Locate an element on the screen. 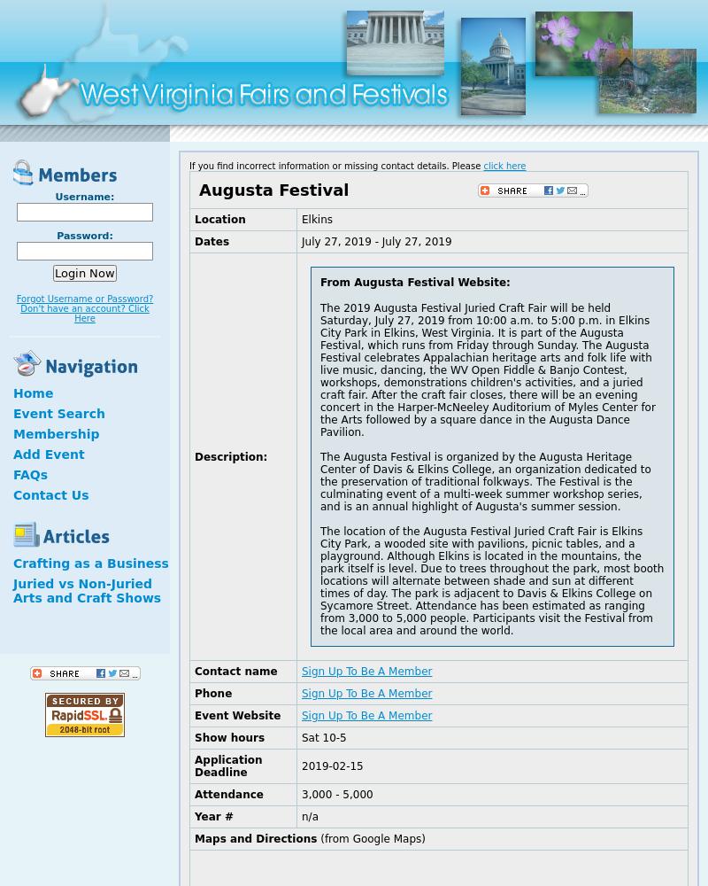 Image resolution: width=708 pixels, height=886 pixels. 'Phone' is located at coordinates (212, 694).